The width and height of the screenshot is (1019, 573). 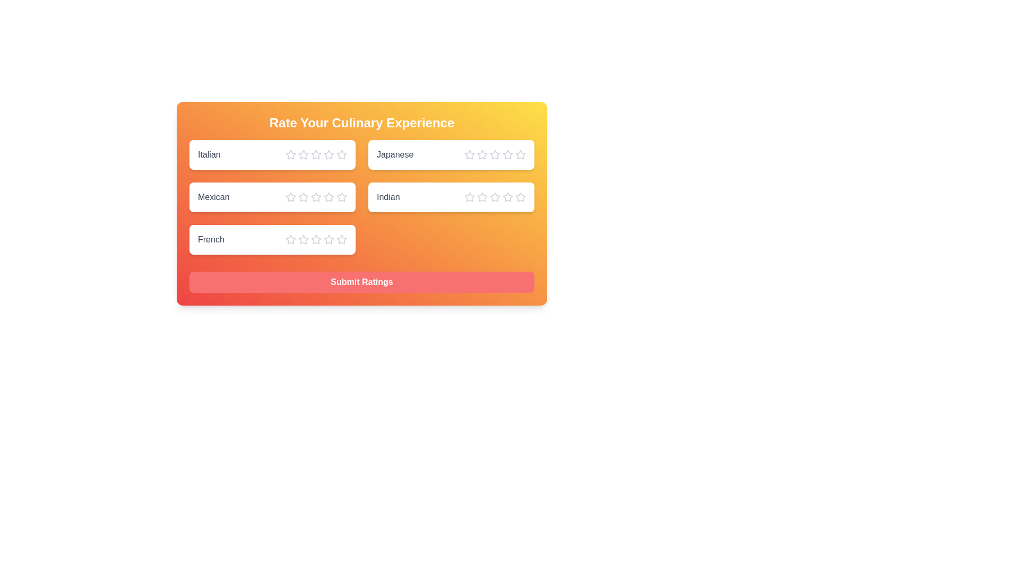 I want to click on the star corresponding to the rating 1 for the cuisine Mexican, so click(x=290, y=197).